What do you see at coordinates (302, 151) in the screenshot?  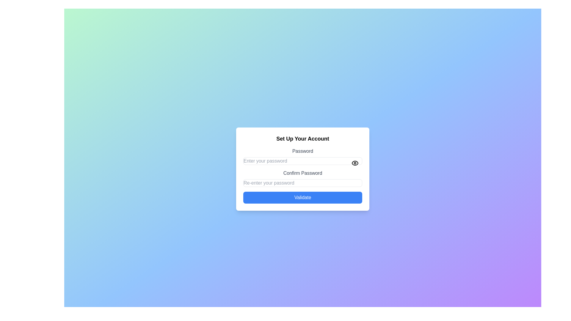 I see `the 'Password' text label, which is styled in gray color and positioned above the password input field` at bounding box center [302, 151].